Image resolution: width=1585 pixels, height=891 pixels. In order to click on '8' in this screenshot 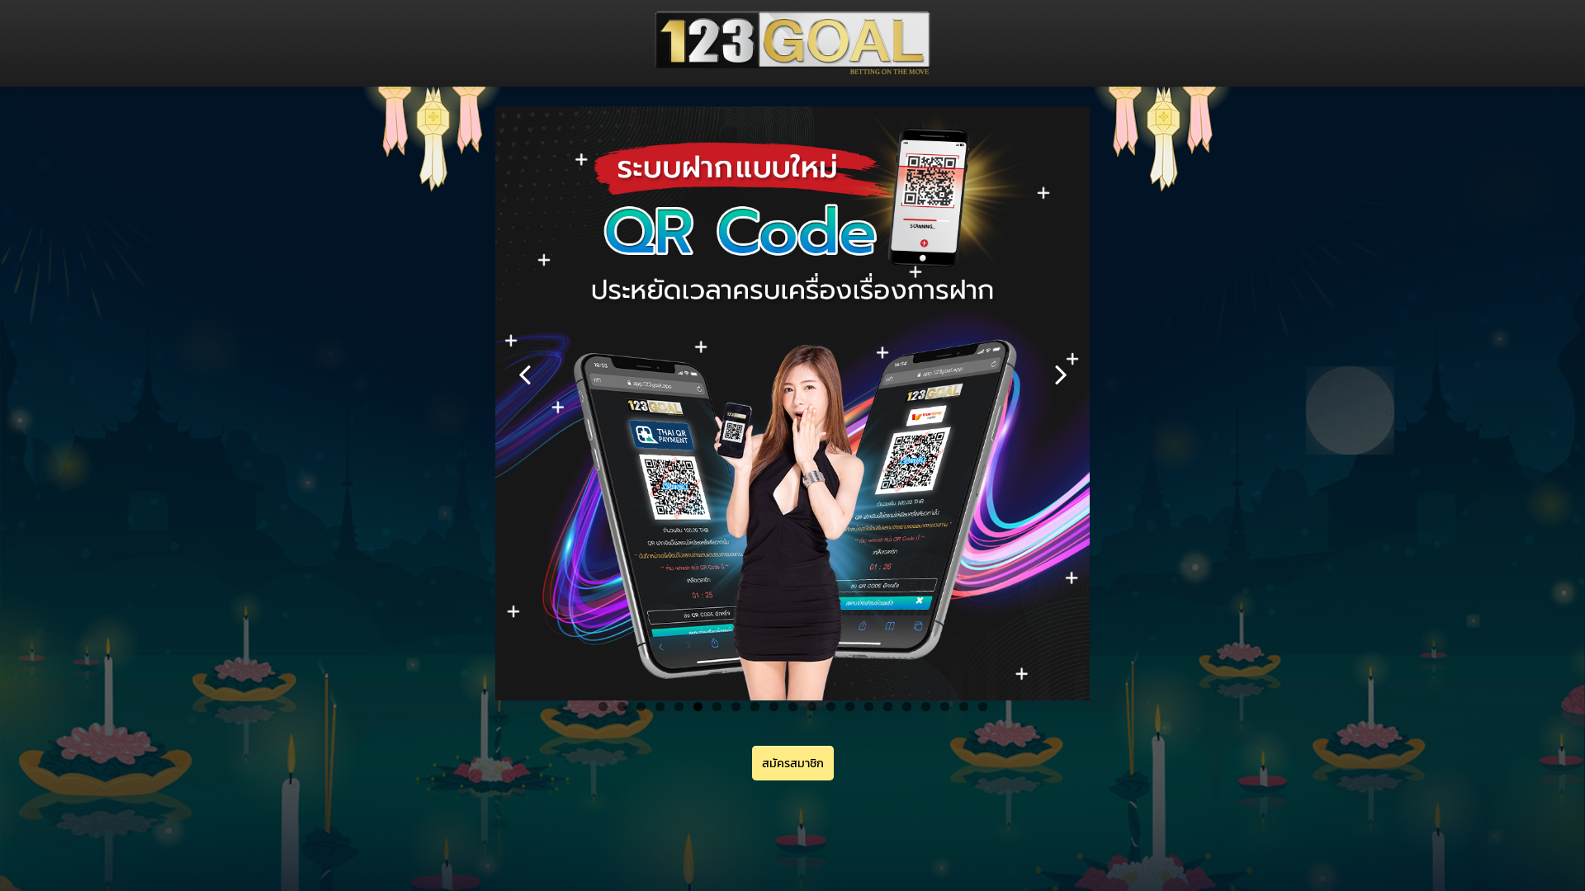, I will do `click(735, 705)`.